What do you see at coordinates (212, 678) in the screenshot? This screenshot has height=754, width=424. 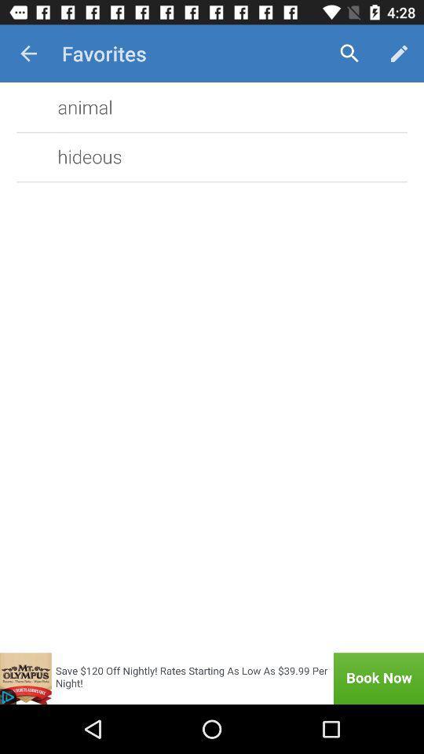 I see `open advertisement` at bounding box center [212, 678].